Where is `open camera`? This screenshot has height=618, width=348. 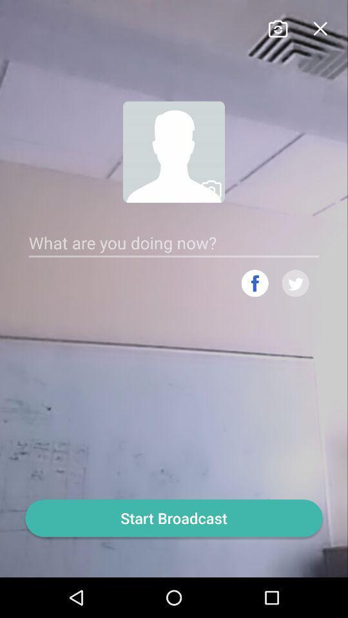
open camera is located at coordinates (277, 26).